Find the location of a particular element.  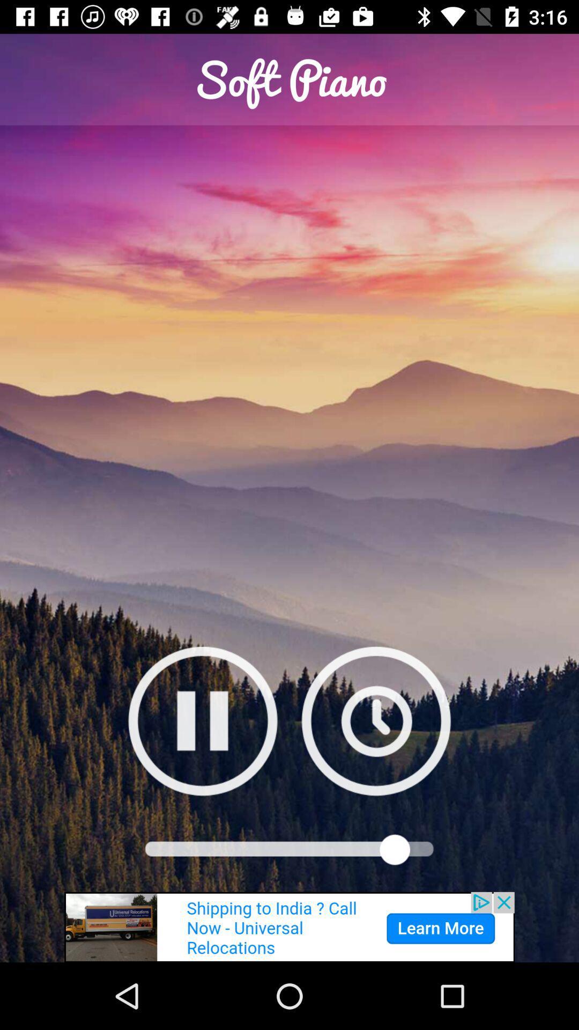

pause audio is located at coordinates (203, 720).